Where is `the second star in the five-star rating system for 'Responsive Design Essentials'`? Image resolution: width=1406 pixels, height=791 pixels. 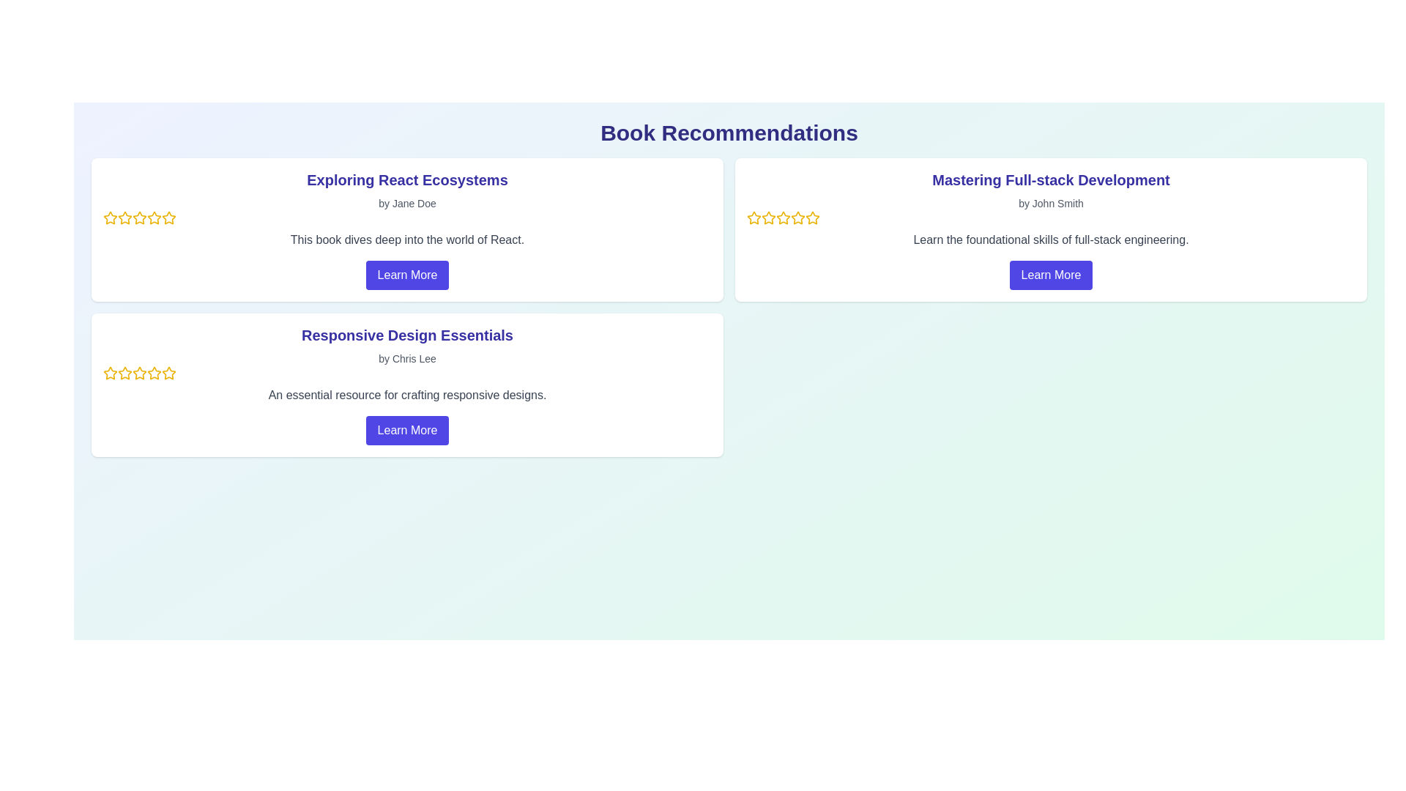
the second star in the five-star rating system for 'Responsive Design Essentials' is located at coordinates (140, 372).